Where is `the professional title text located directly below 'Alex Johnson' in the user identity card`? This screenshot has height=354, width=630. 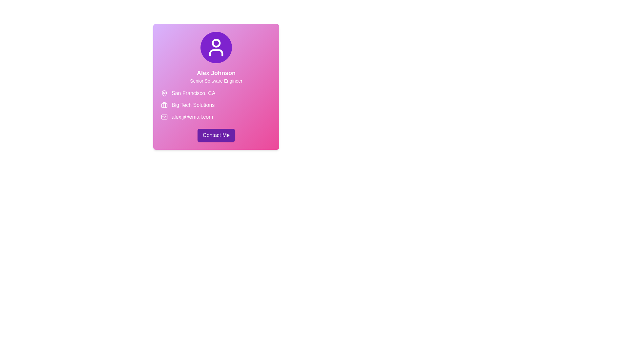
the professional title text located directly below 'Alex Johnson' in the user identity card is located at coordinates (216, 80).